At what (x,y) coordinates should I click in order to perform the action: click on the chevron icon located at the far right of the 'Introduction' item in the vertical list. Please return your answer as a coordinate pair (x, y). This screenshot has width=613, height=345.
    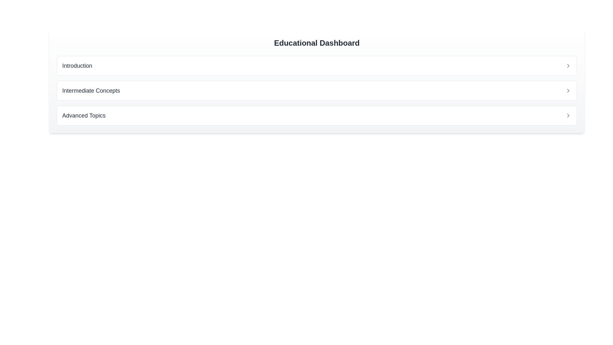
    Looking at the image, I should click on (568, 65).